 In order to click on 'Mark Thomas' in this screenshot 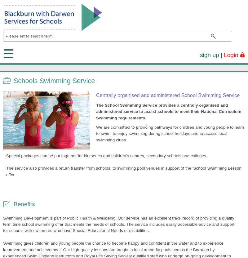, I will do `click(15, 251)`.